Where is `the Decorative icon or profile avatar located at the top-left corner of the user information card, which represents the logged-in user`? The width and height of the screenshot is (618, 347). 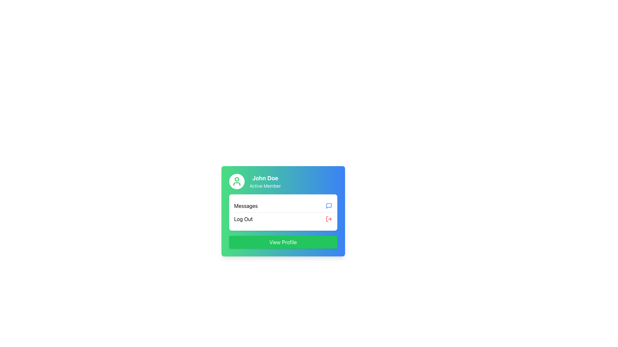 the Decorative icon or profile avatar located at the top-left corner of the user information card, which represents the logged-in user is located at coordinates (236, 181).